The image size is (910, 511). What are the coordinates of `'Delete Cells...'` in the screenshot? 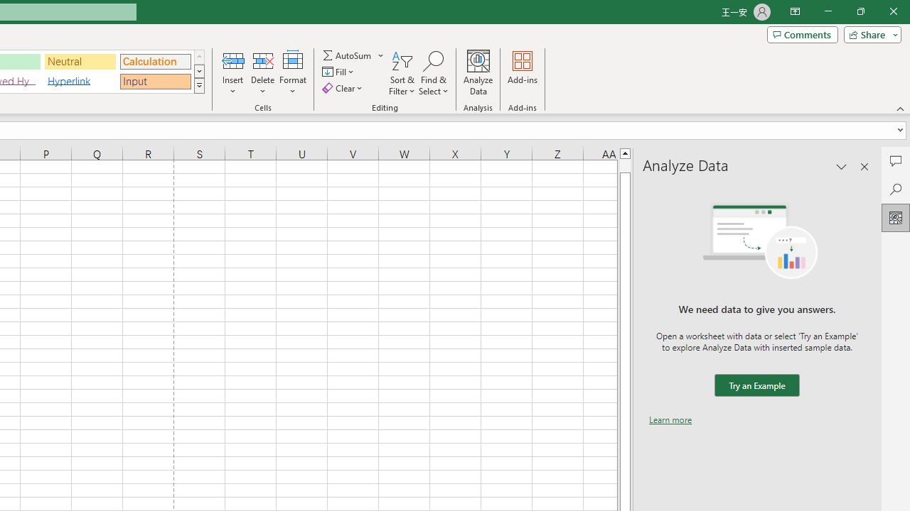 It's located at (262, 60).